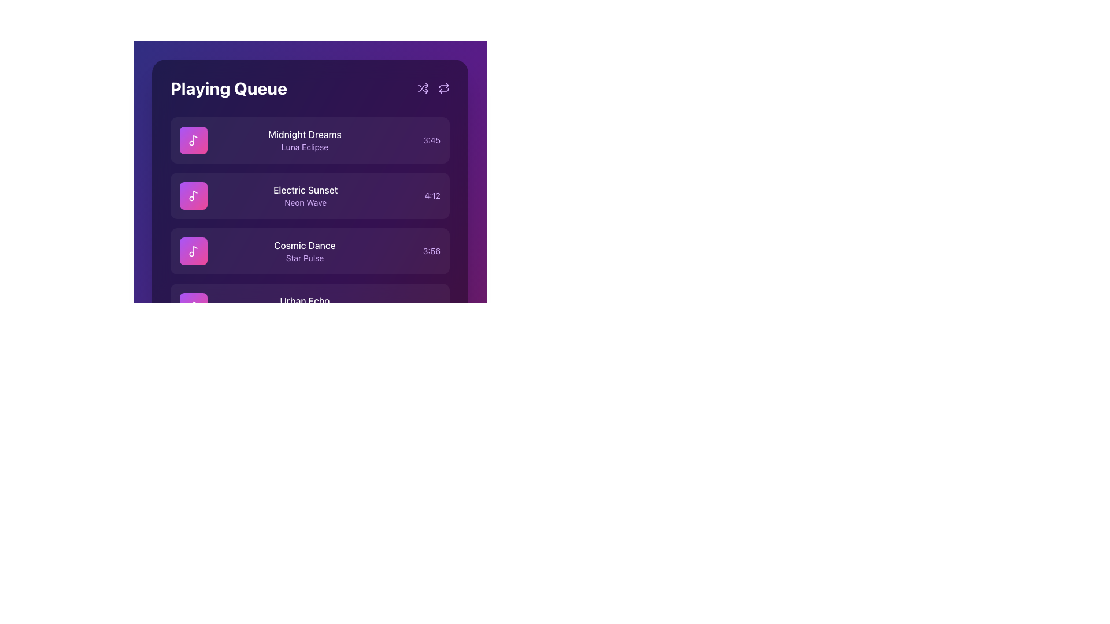 Image resolution: width=1110 pixels, height=624 pixels. I want to click on the 'shuffle' button, so click(422, 88).